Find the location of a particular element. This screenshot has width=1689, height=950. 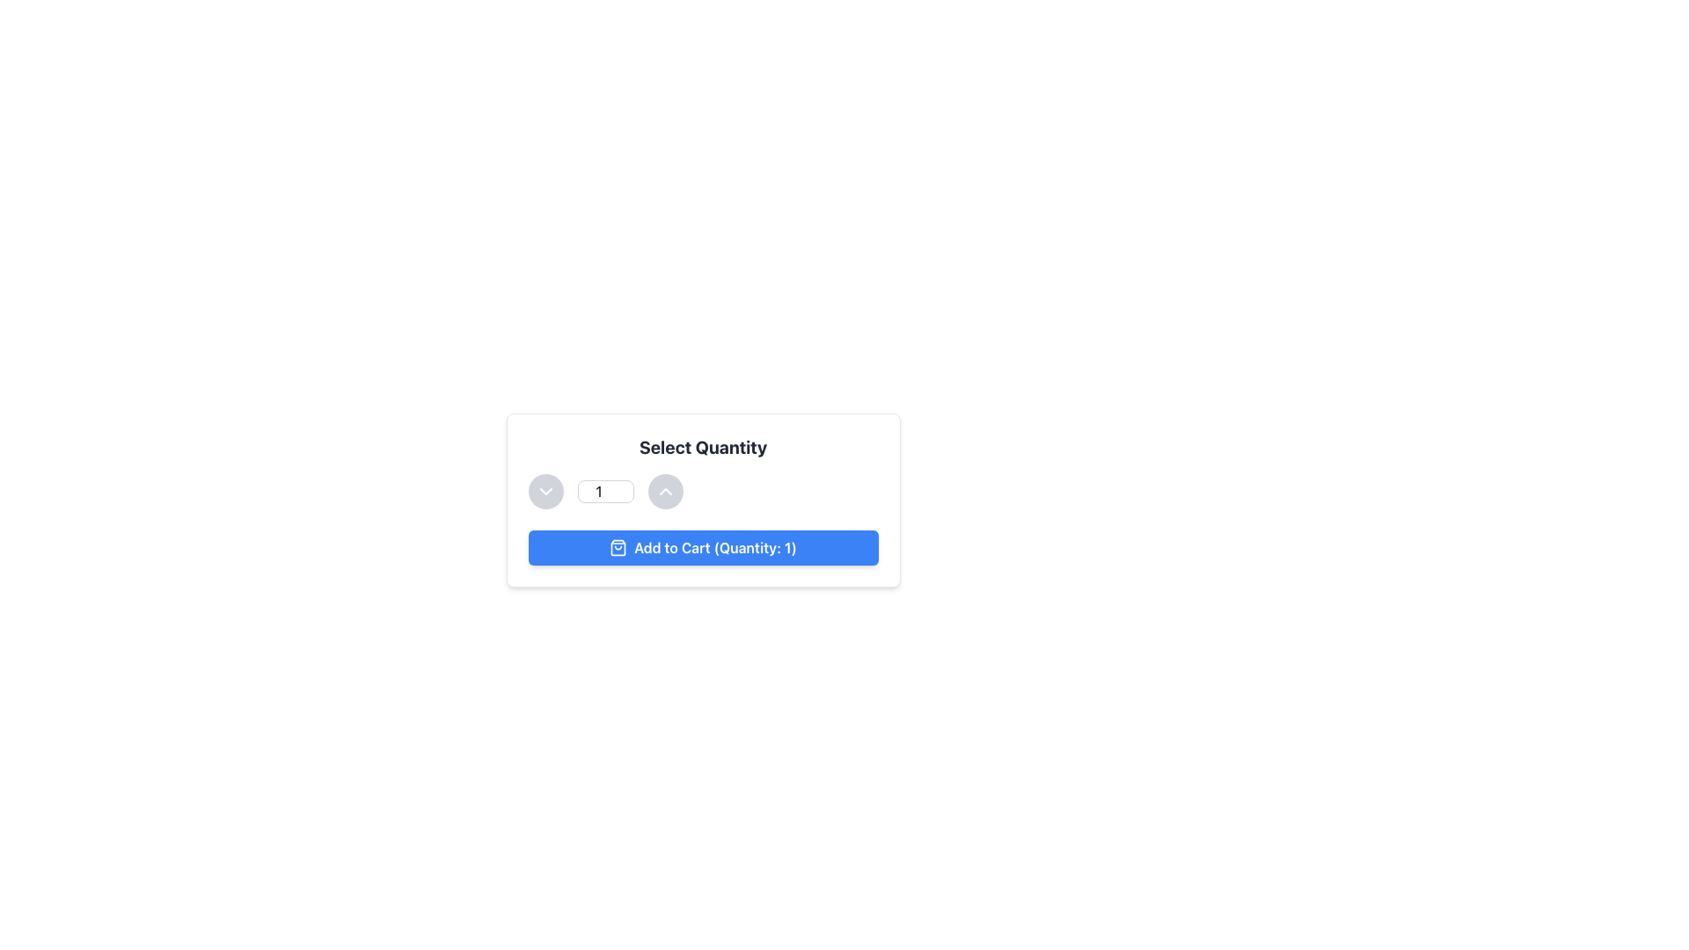

the first button to the left of the numerical input field to decrease the numerical value is located at coordinates (545, 492).